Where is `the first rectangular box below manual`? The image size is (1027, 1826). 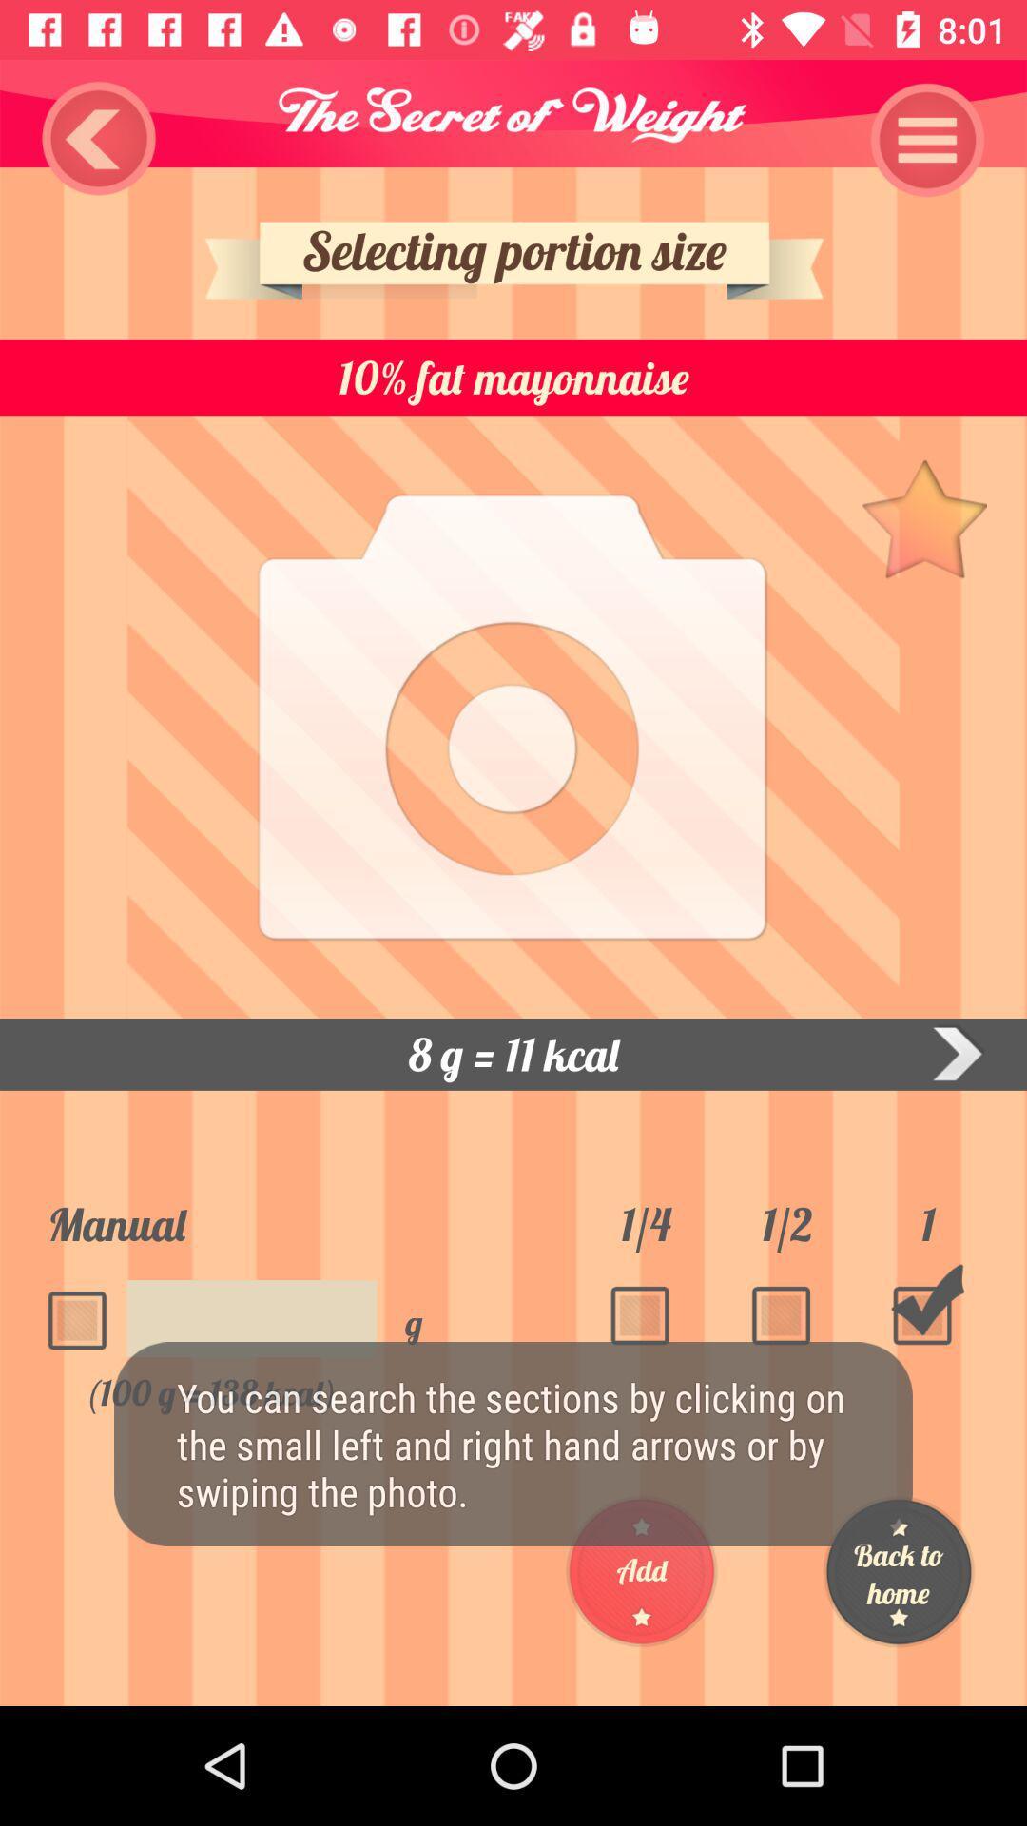 the first rectangular box below manual is located at coordinates (83, 1309).